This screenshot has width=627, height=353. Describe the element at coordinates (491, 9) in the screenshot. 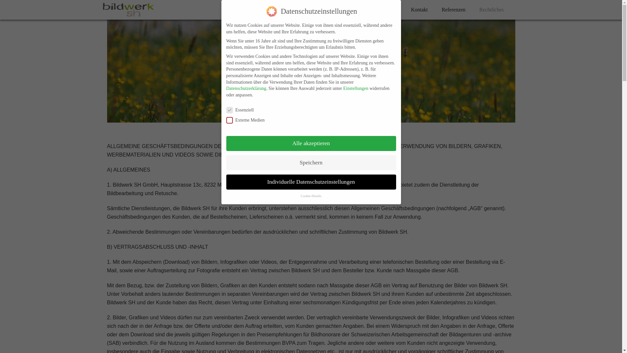

I see `'Rechtliches'` at that location.